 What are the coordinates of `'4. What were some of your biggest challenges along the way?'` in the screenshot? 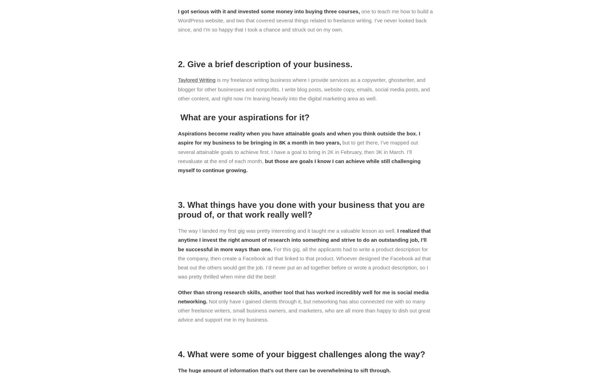 It's located at (301, 354).